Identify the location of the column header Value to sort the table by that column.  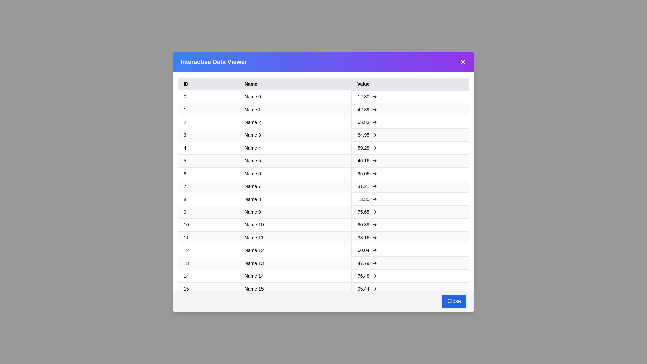
(410, 84).